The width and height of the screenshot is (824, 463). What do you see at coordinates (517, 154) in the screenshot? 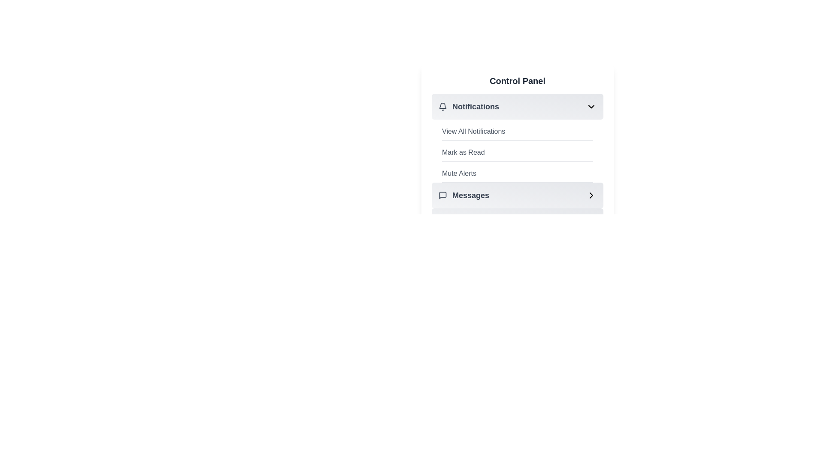
I see `the 'Mark as Read' action link within the 'Notifications' menu to mark notifications as read` at bounding box center [517, 154].